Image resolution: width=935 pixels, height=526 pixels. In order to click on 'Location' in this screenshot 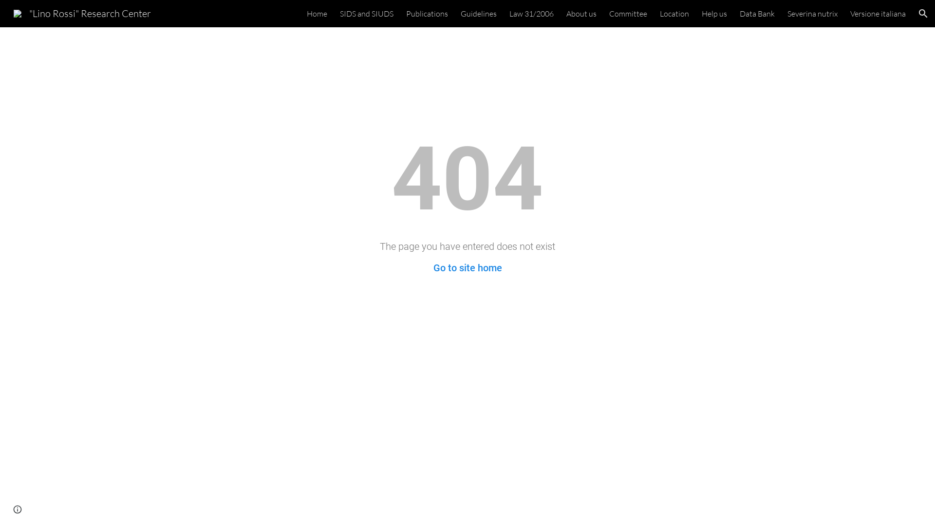, I will do `click(674, 13)`.